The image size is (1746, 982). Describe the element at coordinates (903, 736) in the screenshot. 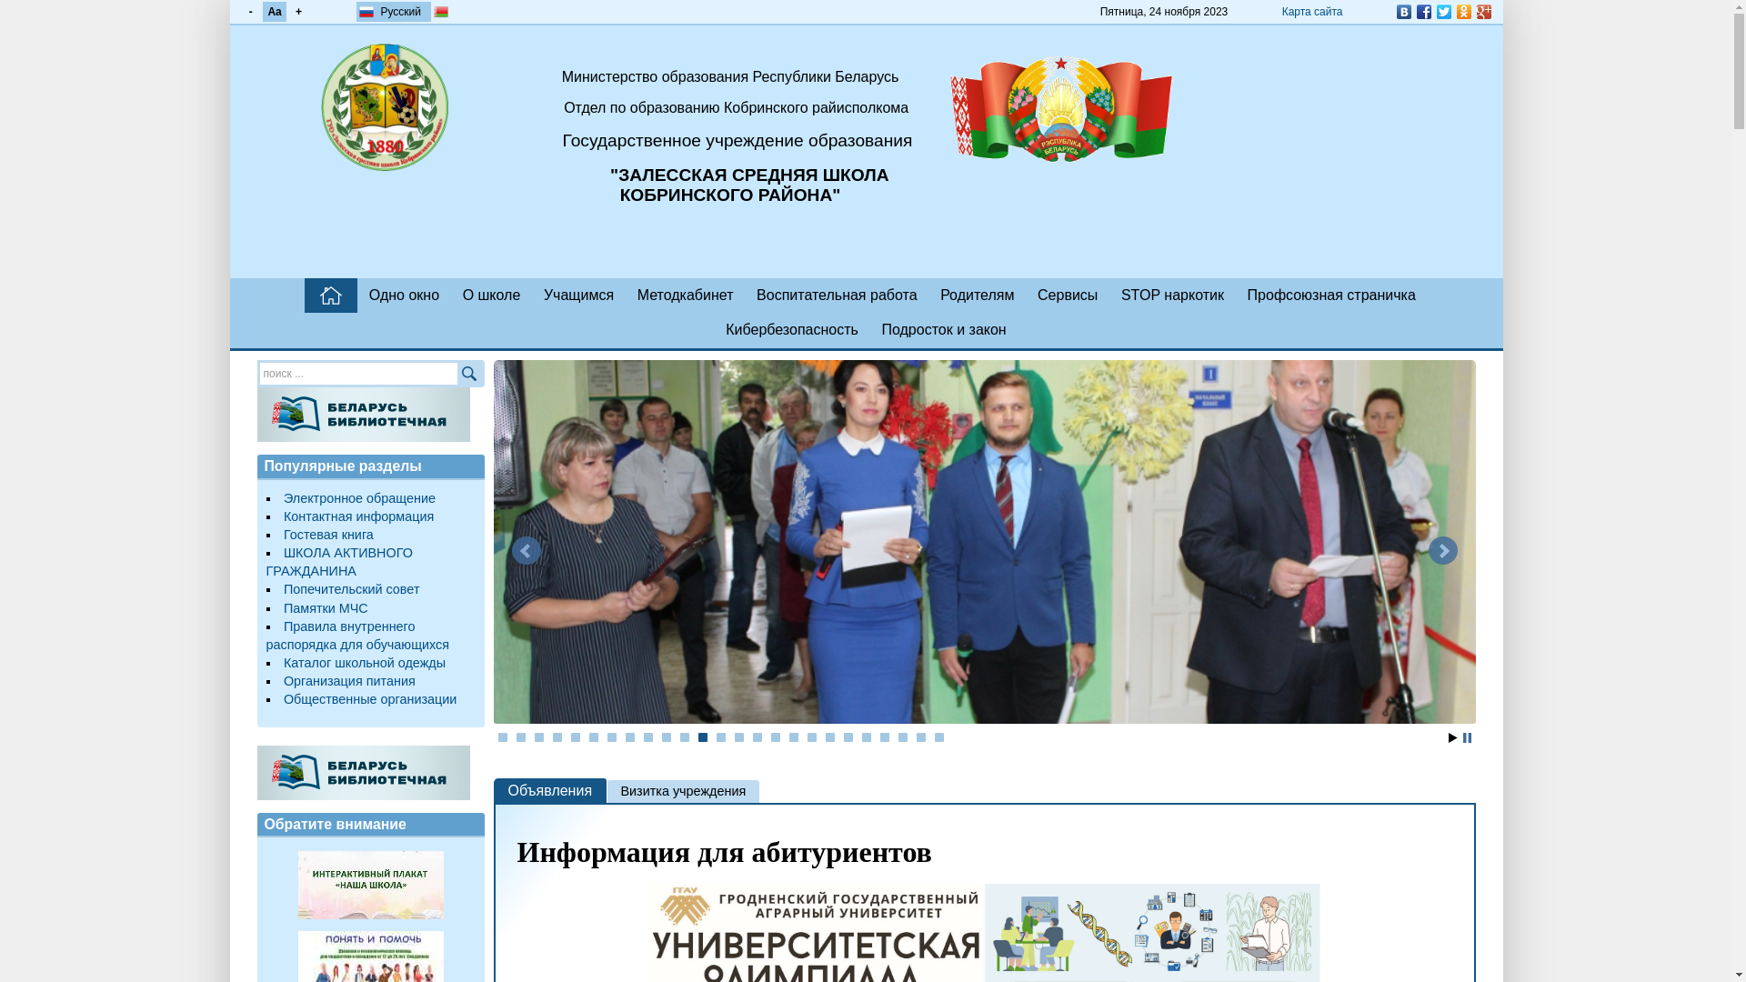

I see `'23'` at that location.